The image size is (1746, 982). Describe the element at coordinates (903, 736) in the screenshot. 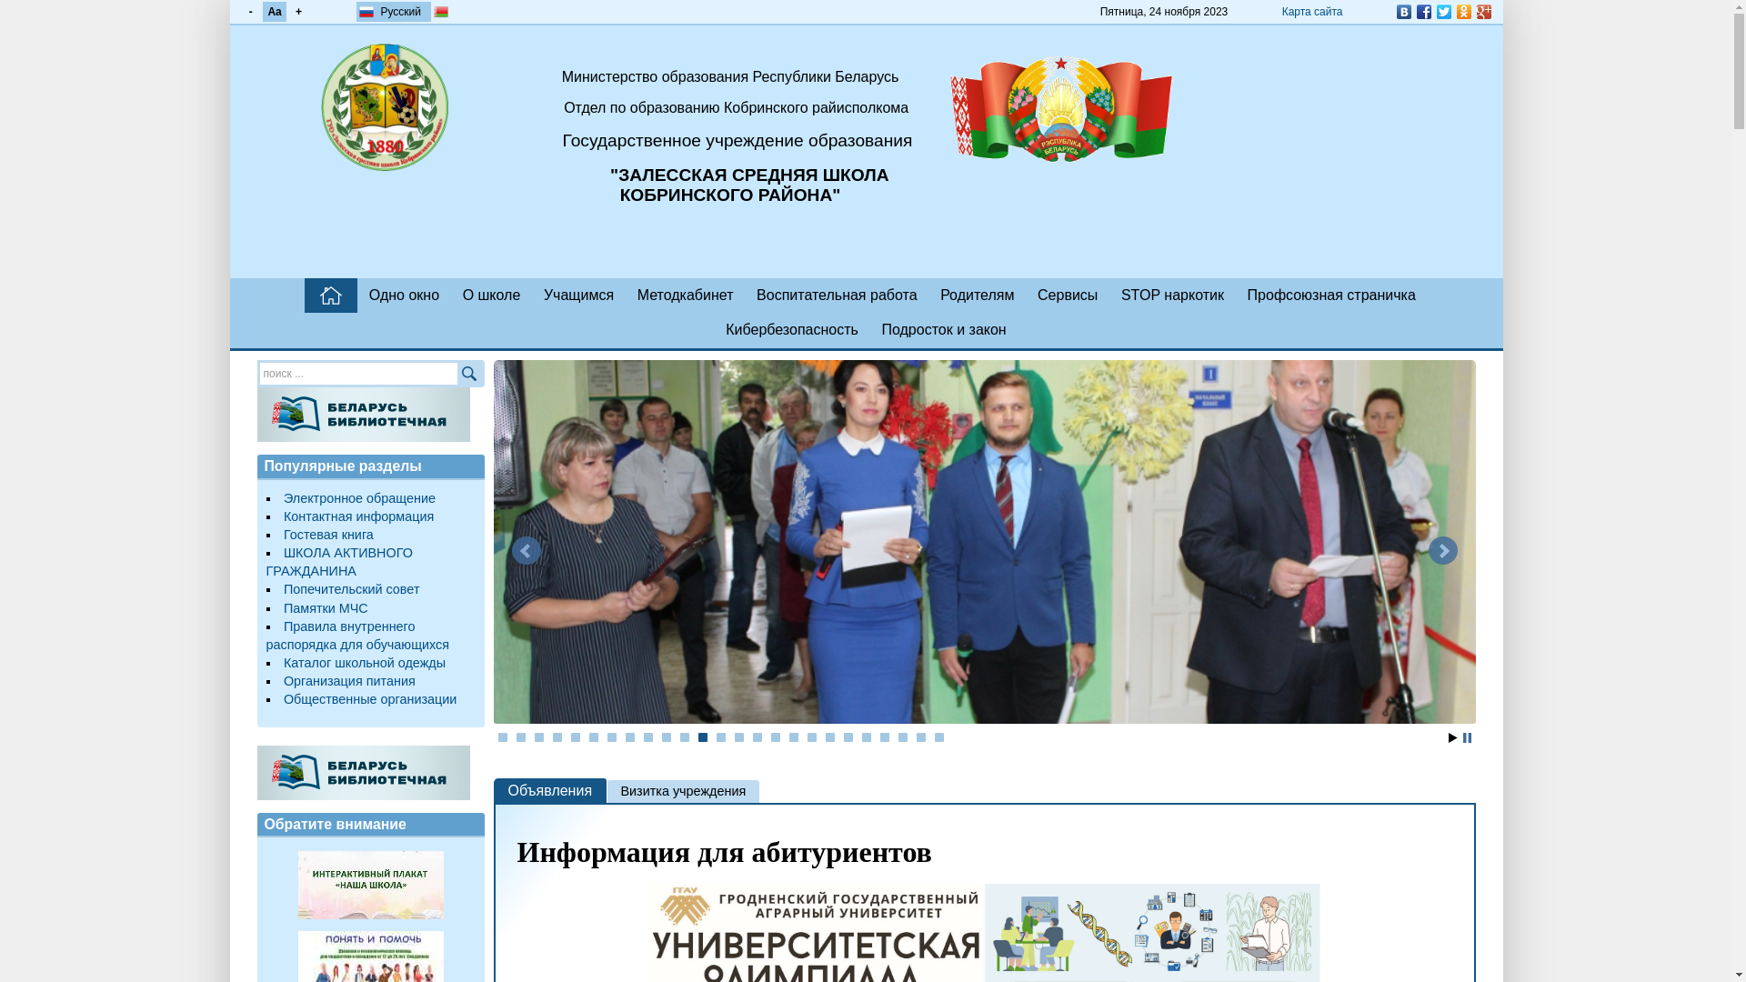

I see `'23'` at that location.